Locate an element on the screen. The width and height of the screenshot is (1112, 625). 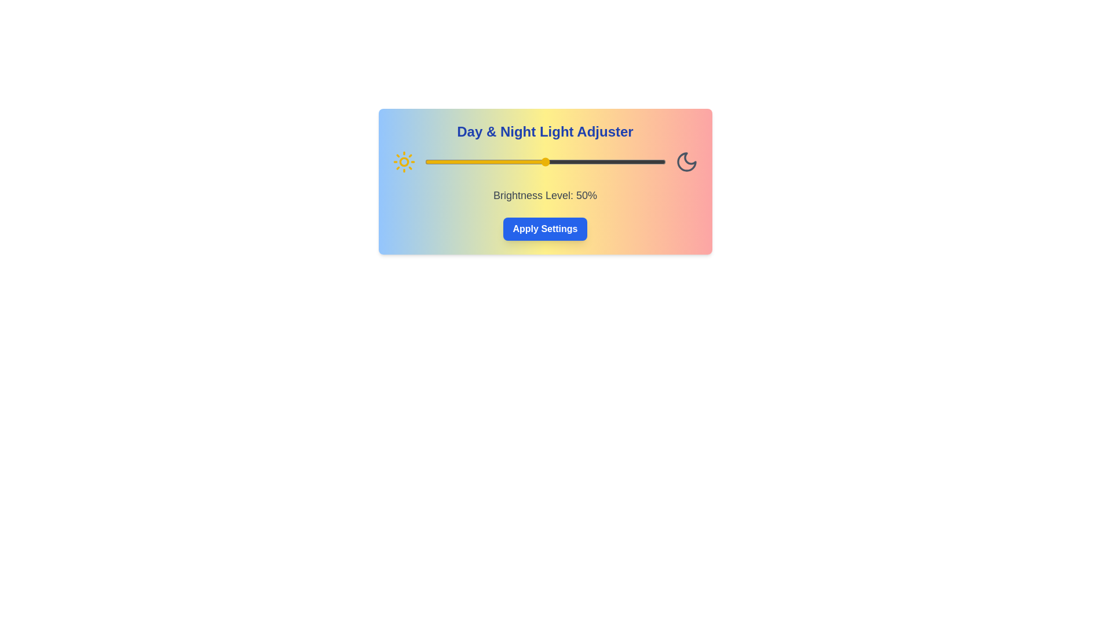
'Apply Settings' button is located at coordinates (544, 229).